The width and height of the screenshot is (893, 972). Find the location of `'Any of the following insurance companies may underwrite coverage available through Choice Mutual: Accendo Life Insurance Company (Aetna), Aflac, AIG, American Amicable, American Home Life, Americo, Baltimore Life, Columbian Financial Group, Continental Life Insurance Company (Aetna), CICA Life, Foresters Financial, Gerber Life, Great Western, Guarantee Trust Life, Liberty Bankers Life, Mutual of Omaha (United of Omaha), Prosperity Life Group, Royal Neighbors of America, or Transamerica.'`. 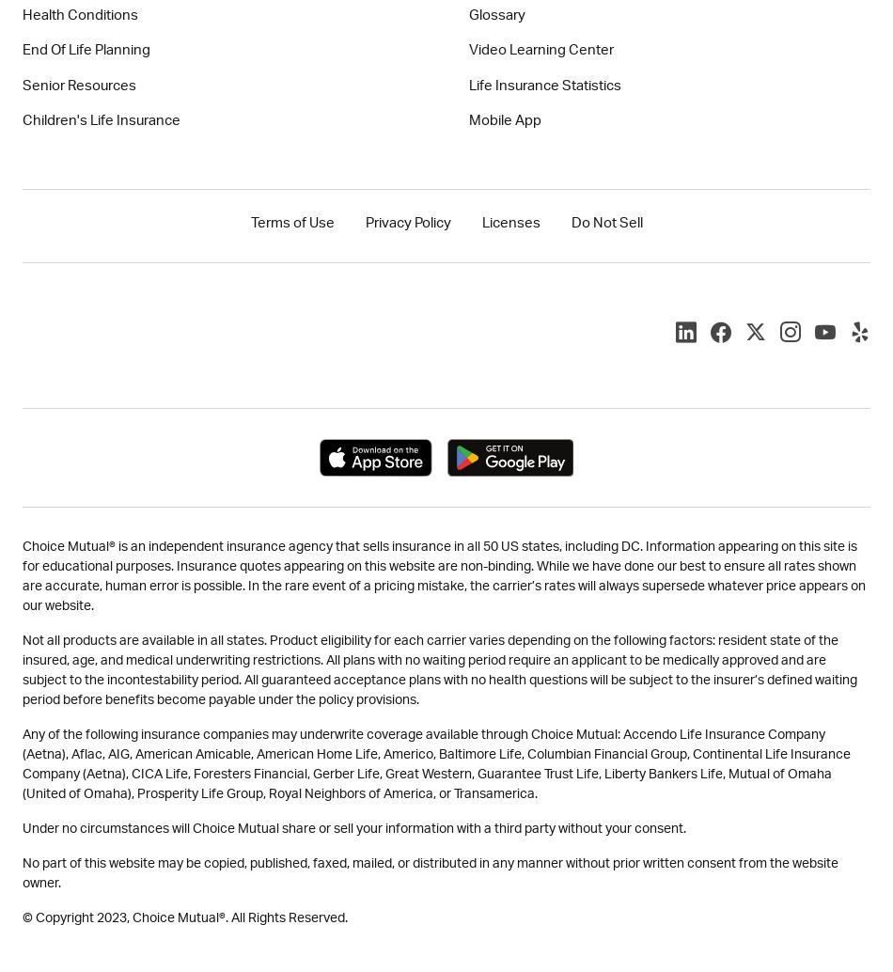

'Any of the following insurance companies may underwrite coverage available through Choice Mutual: Accendo Life Insurance Company (Aetna), Aflac, AIG, American Amicable, American Home Life, Americo, Baltimore Life, Columbian Financial Group, Continental Life Insurance Company (Aetna), CICA Life, Foresters Financial, Gerber Life, Great Western, Guarantee Trust Life, Liberty Bankers Life, Mutual of Omaha (United of Omaha), Prosperity Life Group, Royal Neighbors of America, or Transamerica.' is located at coordinates (435, 762).